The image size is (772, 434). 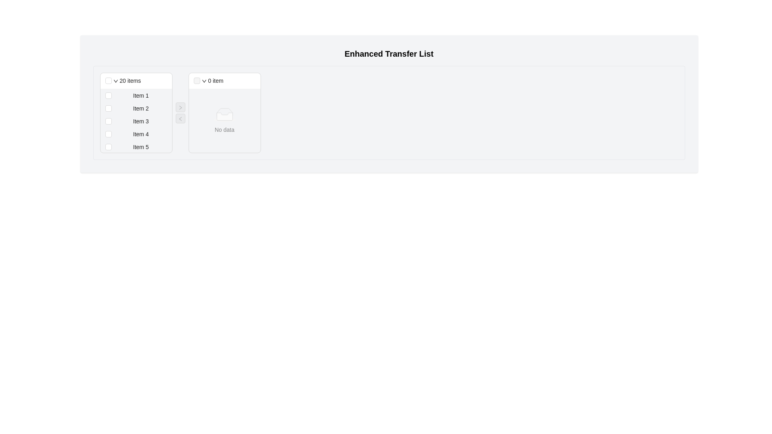 What do you see at coordinates (180, 118) in the screenshot?
I see `the transfer button located centrally between the two list boxes in the operation control section` at bounding box center [180, 118].